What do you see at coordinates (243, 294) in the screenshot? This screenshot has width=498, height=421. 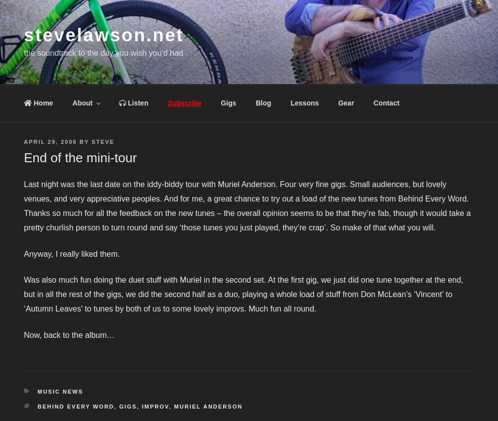 I see `'Was also much fun doing the duet stuff with Muriel in the second set. At the first gig, we just did one tune together at the end, but in all the rest of the gigs, we did the second half as a duo, playing a whole load of stuff from Don McLean’s ‘Vincent’ to ‘Autumn Leaves’ to tunes by both of us to some lovely improvs. Much fun all round.'` at bounding box center [243, 294].